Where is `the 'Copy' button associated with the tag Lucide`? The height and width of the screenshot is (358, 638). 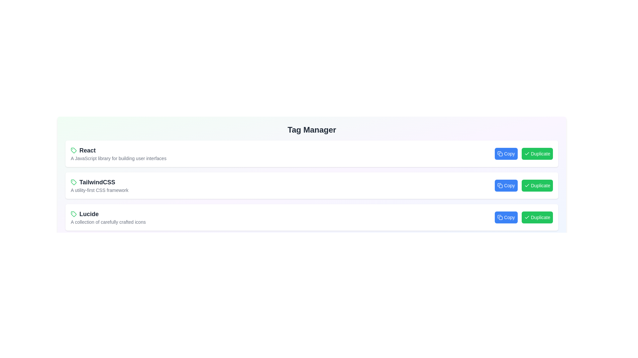
the 'Copy' button associated with the tag Lucide is located at coordinates (506, 217).